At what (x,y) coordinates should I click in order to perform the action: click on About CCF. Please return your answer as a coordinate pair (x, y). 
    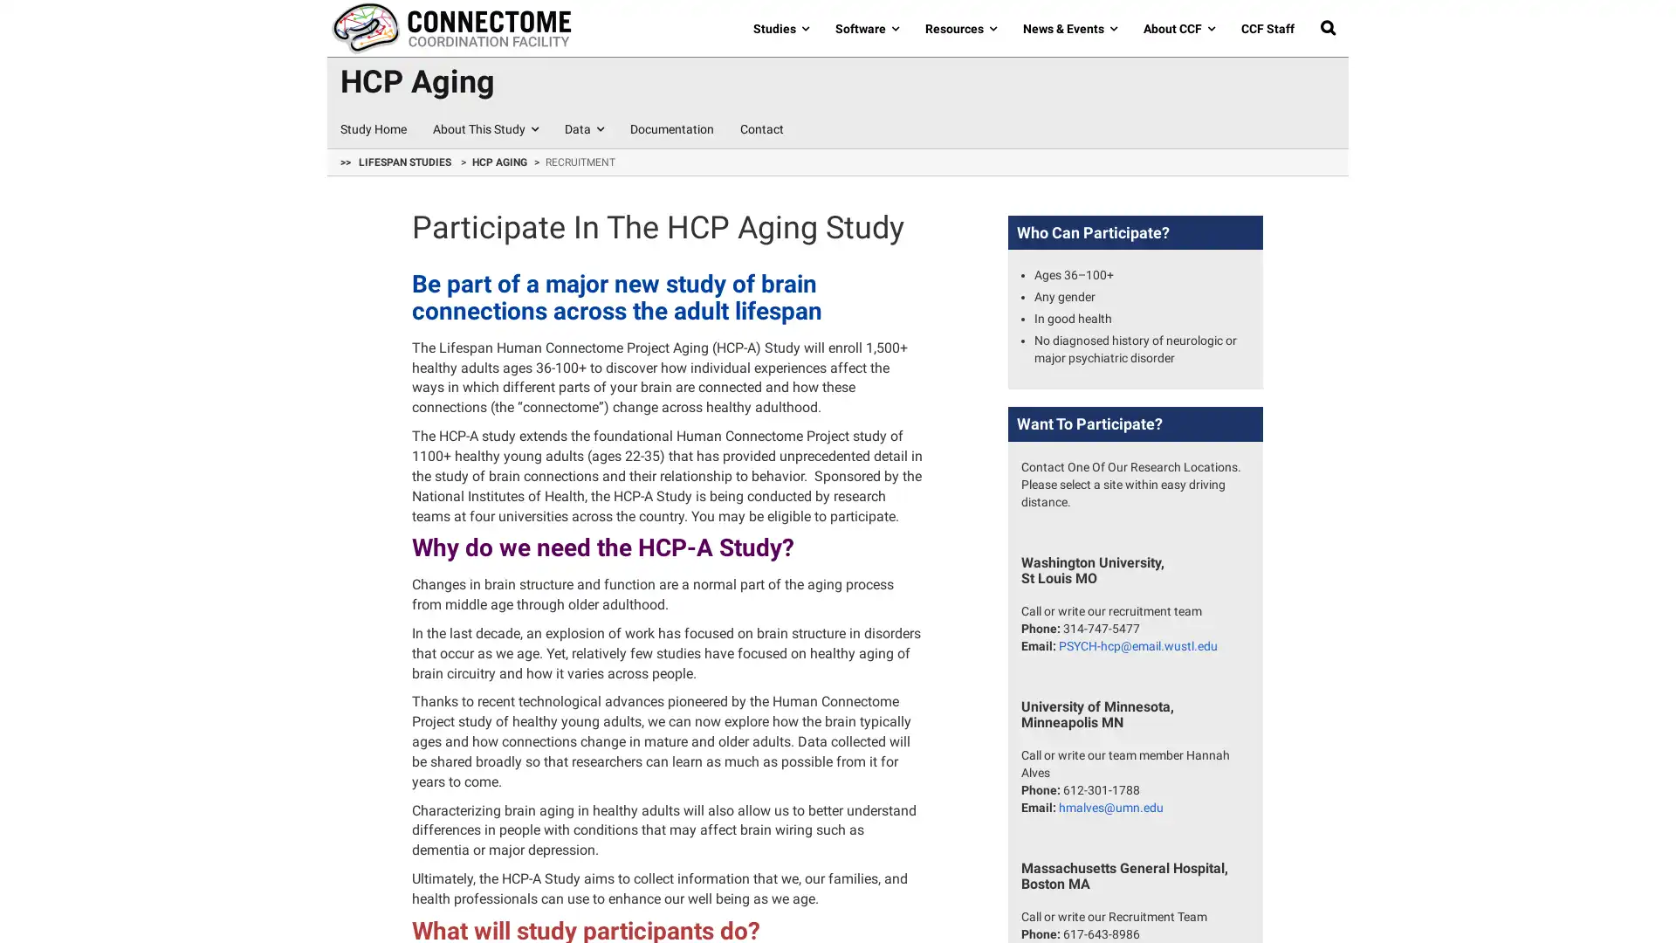
    Looking at the image, I should click on (1178, 33).